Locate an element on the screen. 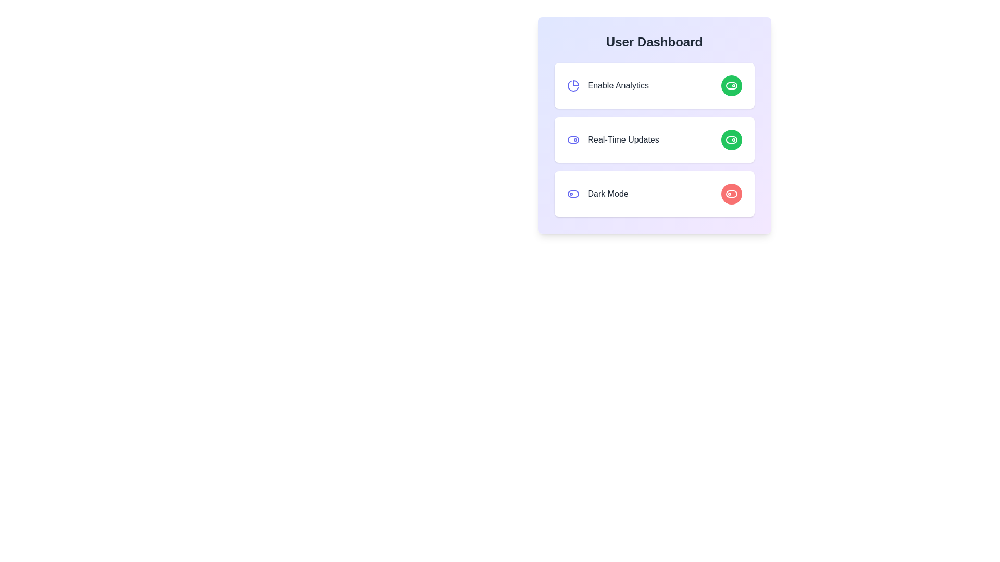 Image resolution: width=1000 pixels, height=562 pixels. the toggle switch for the 'Real-Time Updates' feature, located next to the 'Real-Time Updates' text in the user dashboard is located at coordinates (731, 139).